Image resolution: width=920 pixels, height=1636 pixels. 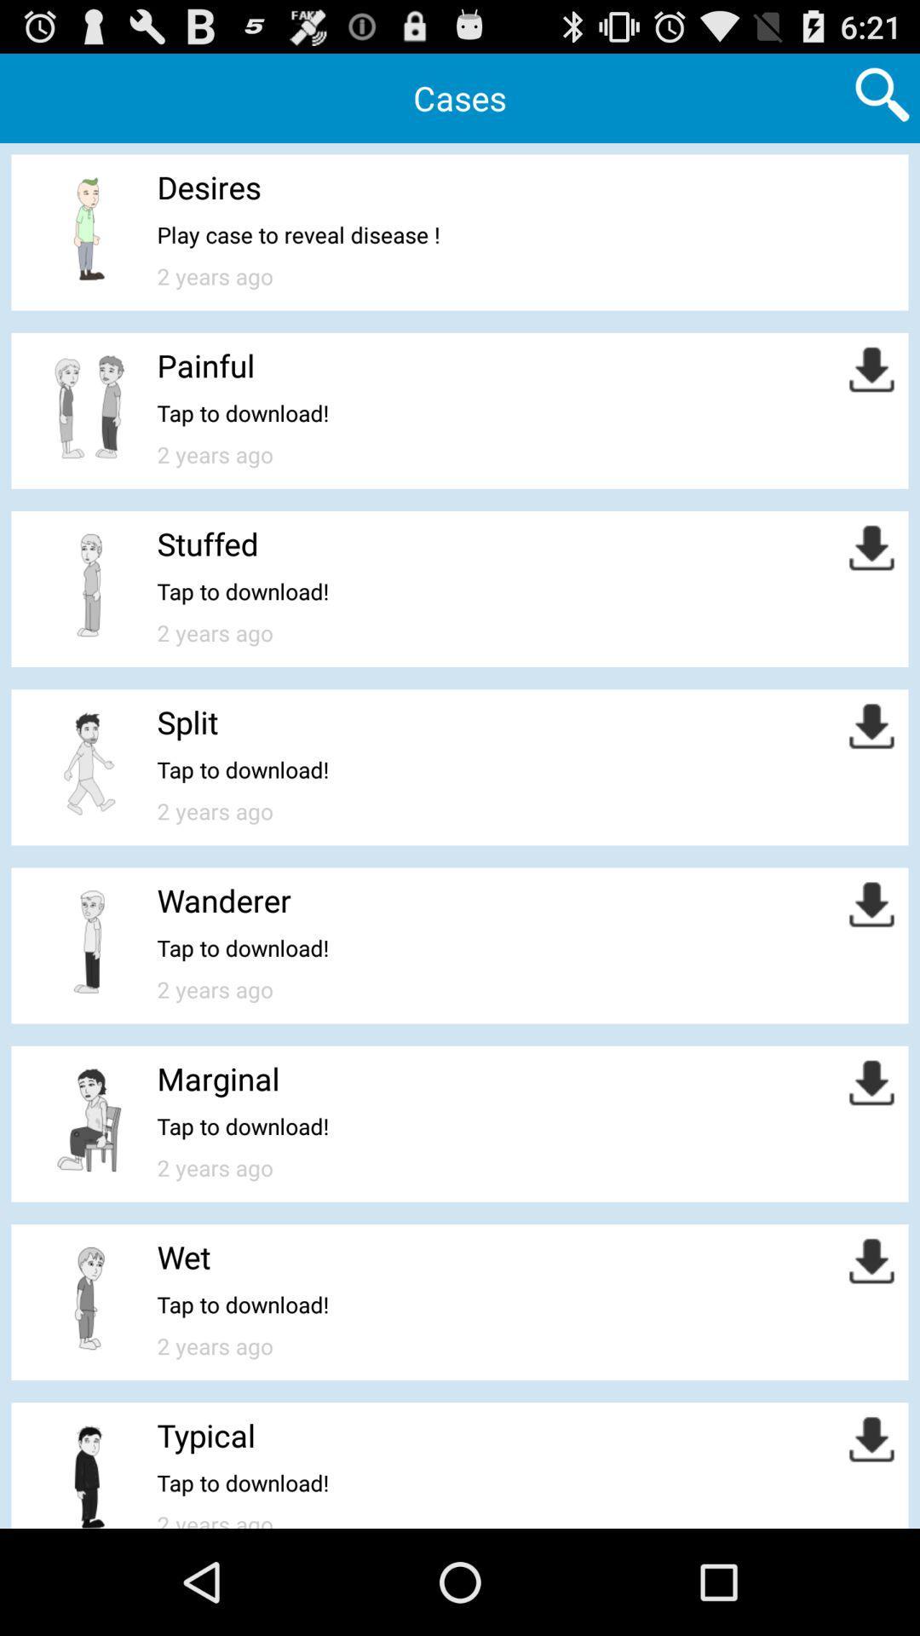 I want to click on the app above tap to download! app, so click(x=184, y=1257).